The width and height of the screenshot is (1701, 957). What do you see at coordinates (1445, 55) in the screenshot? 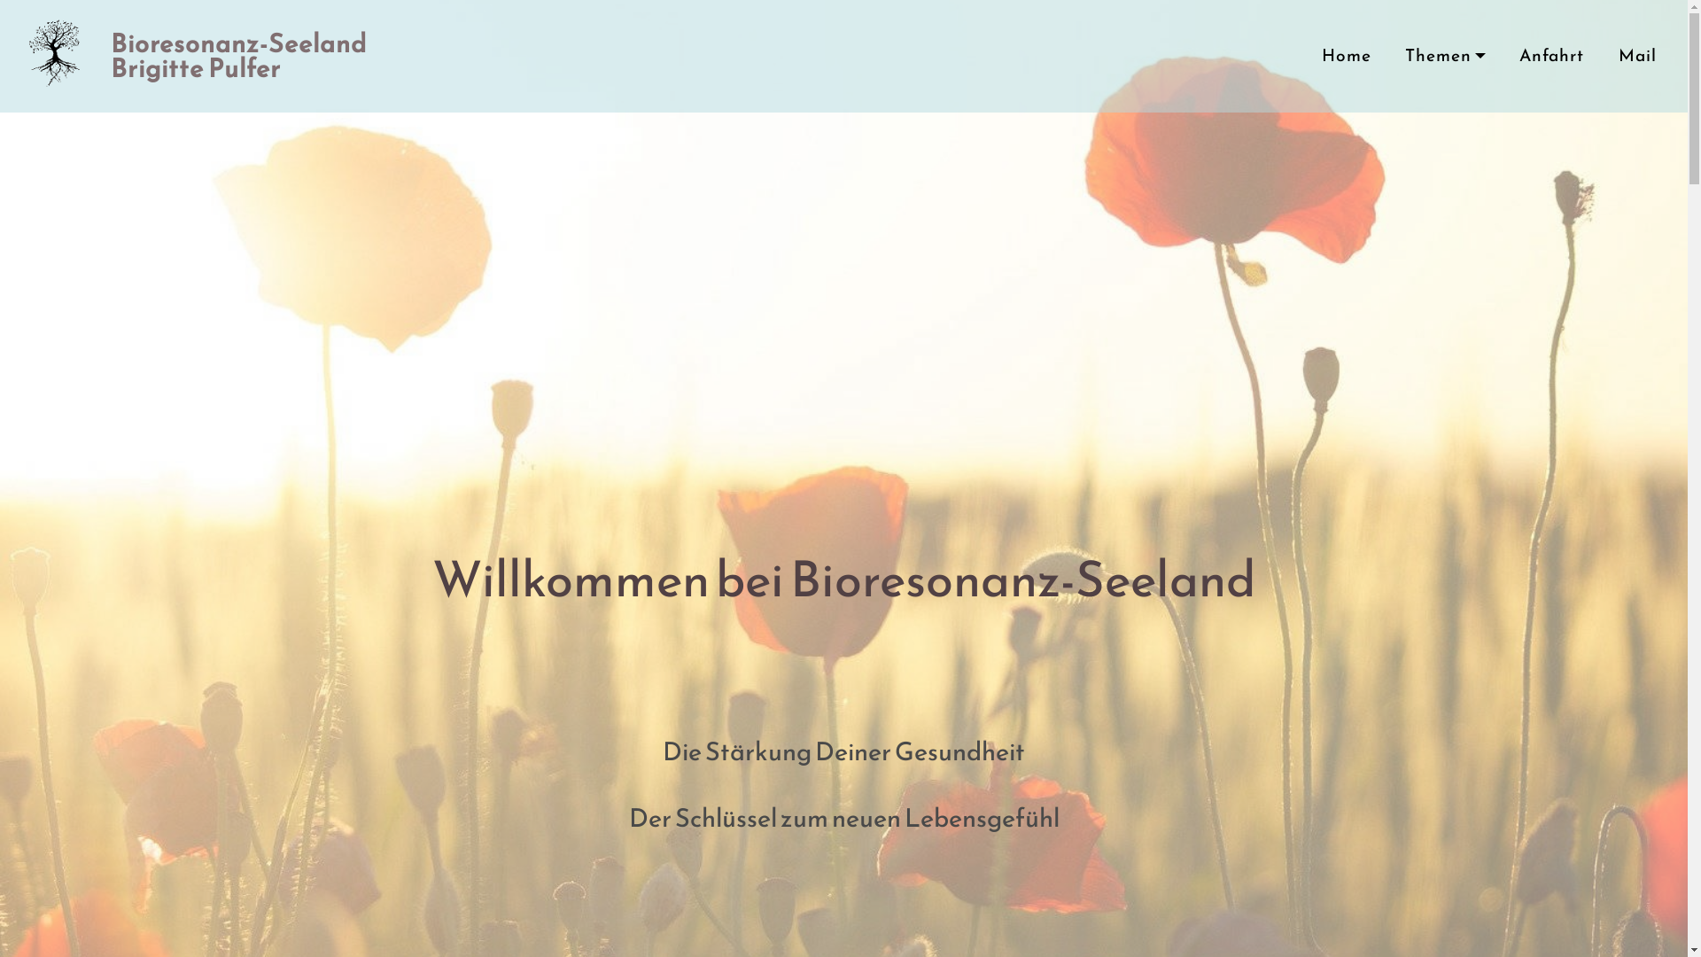
I see `'Themen'` at bounding box center [1445, 55].